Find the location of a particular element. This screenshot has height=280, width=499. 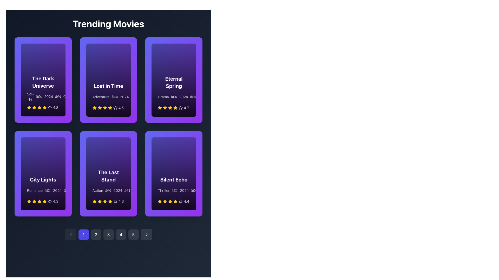

the yellow star-shaped icon to rate the 'City Lights' movie, located in the rating section beneath the text of the movie card is located at coordinates (39, 201).